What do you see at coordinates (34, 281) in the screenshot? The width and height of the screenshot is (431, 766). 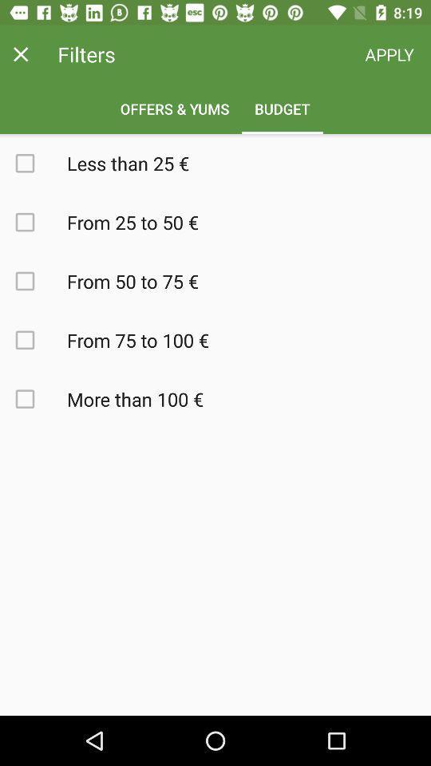 I see `from 50 to 70 pound option` at bounding box center [34, 281].